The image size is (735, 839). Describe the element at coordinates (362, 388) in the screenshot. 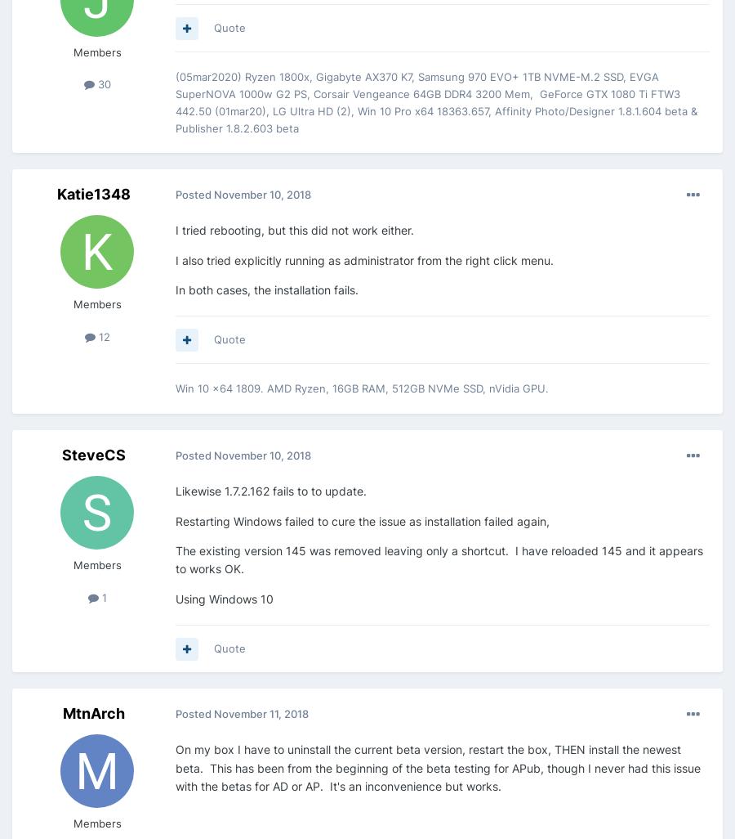

I see `'Win 10 x64 1809. AMD Ryzen, 16GB RAM, 512GB NVMe SSD, nVidia GPU.'` at that location.